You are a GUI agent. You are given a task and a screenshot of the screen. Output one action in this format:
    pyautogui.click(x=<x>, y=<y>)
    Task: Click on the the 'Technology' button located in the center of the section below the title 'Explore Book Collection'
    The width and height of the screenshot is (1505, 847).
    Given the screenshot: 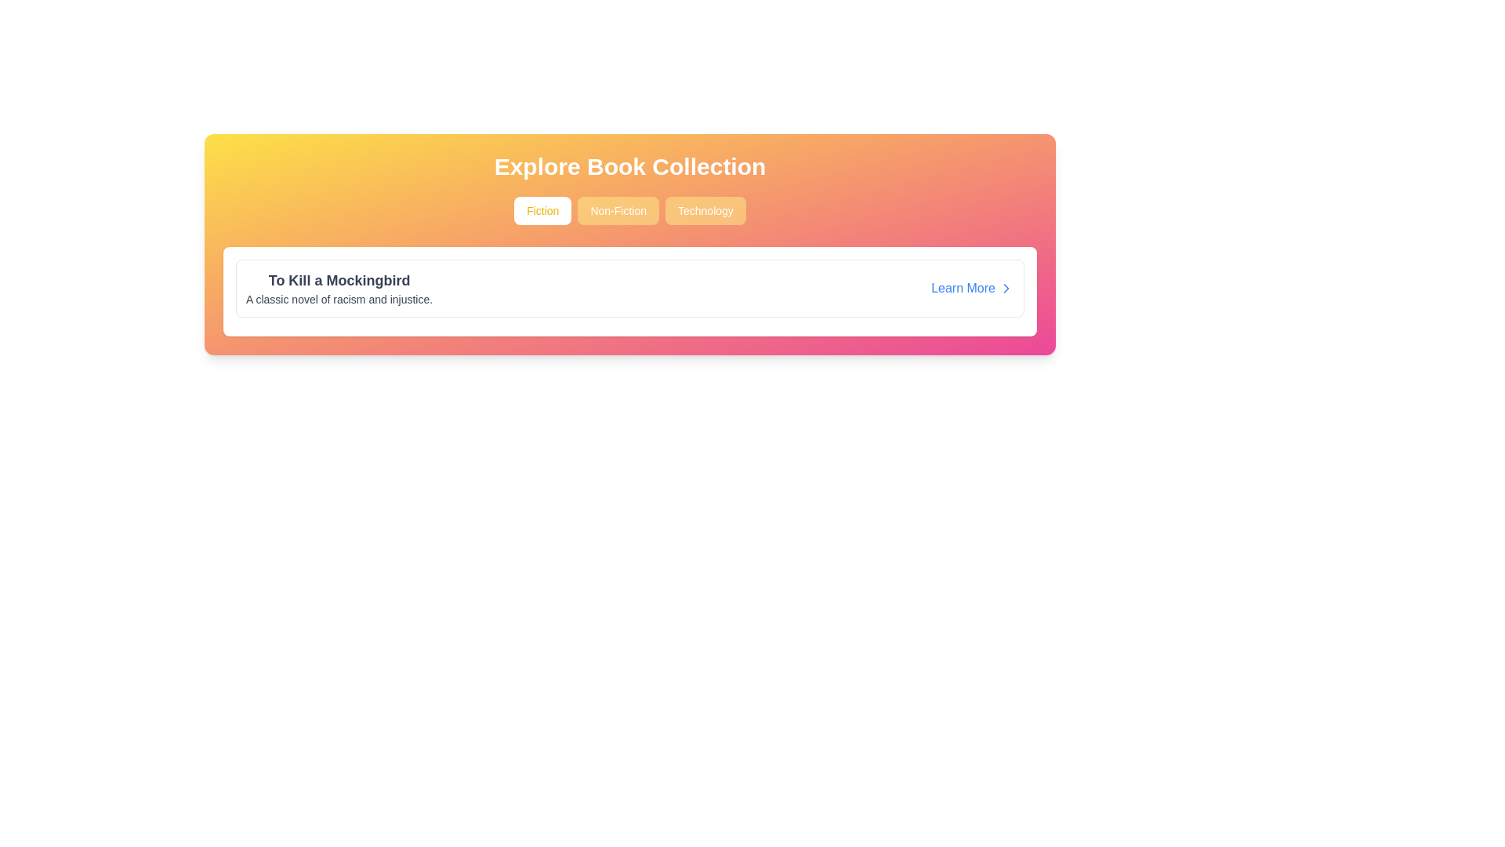 What is the action you would take?
    pyautogui.click(x=705, y=210)
    